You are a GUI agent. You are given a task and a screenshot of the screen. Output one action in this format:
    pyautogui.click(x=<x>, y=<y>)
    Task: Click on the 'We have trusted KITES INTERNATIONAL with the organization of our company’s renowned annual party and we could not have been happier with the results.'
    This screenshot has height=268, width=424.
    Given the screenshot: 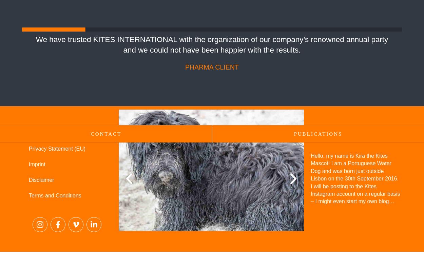 What is the action you would take?
    pyautogui.click(x=35, y=44)
    